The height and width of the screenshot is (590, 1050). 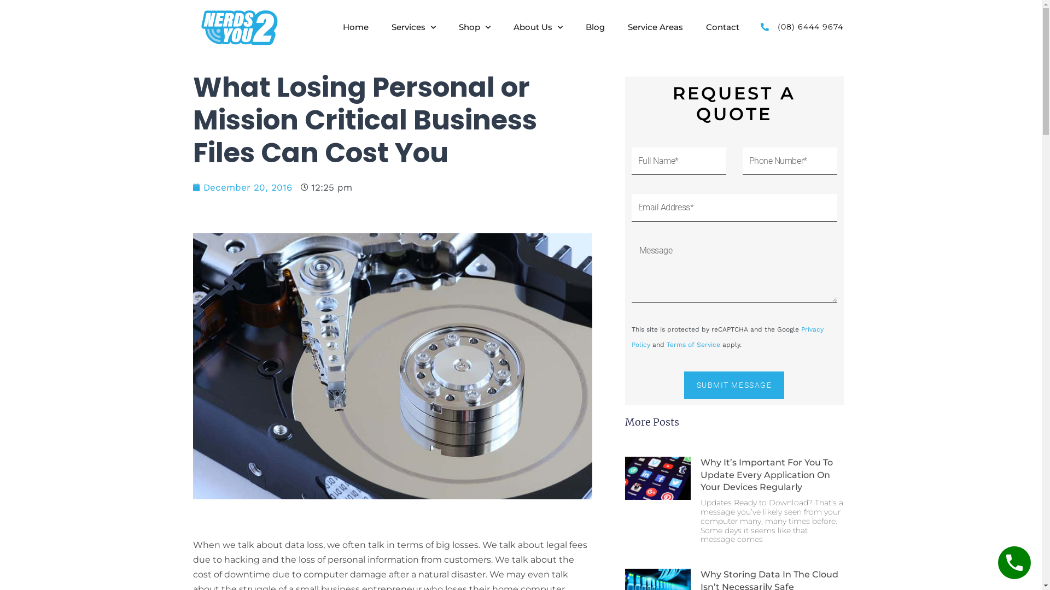 What do you see at coordinates (722, 27) in the screenshot?
I see `'Contact'` at bounding box center [722, 27].